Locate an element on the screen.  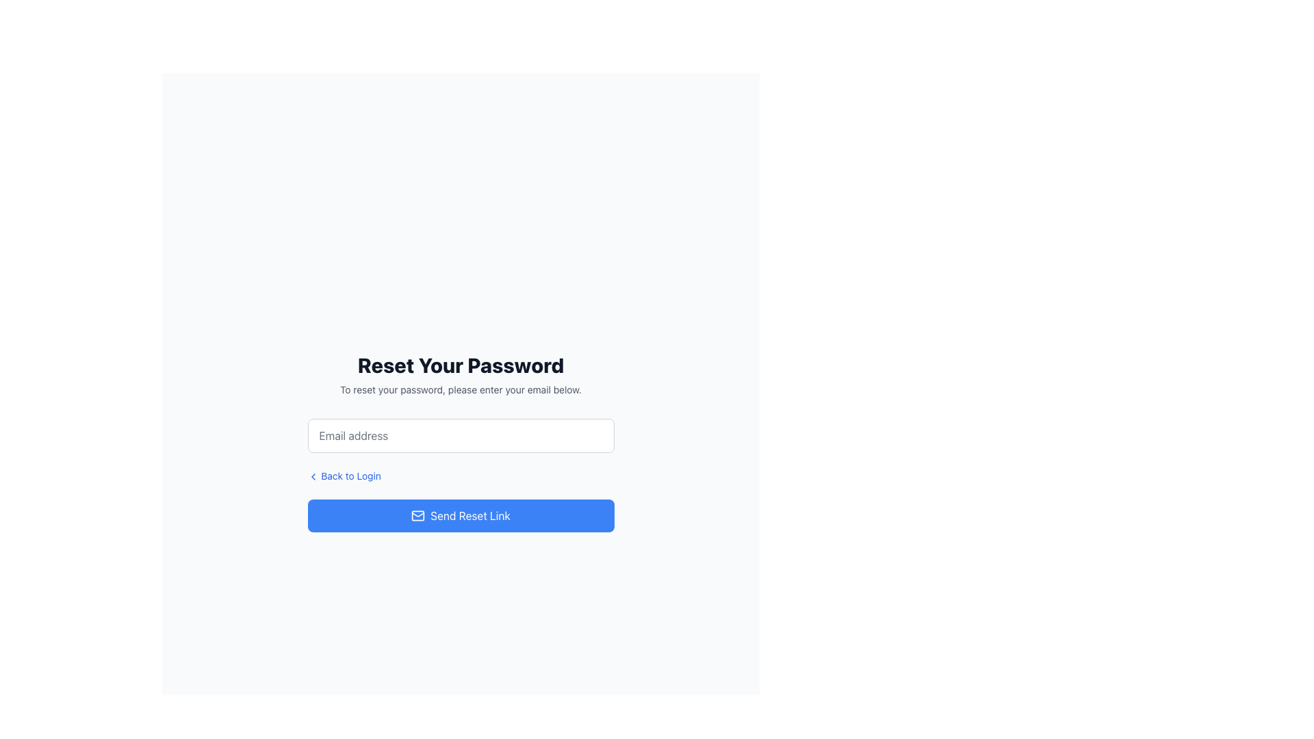
the email sending icon located on the left side of the 'Send Reset Link' button is located at coordinates (417, 515).